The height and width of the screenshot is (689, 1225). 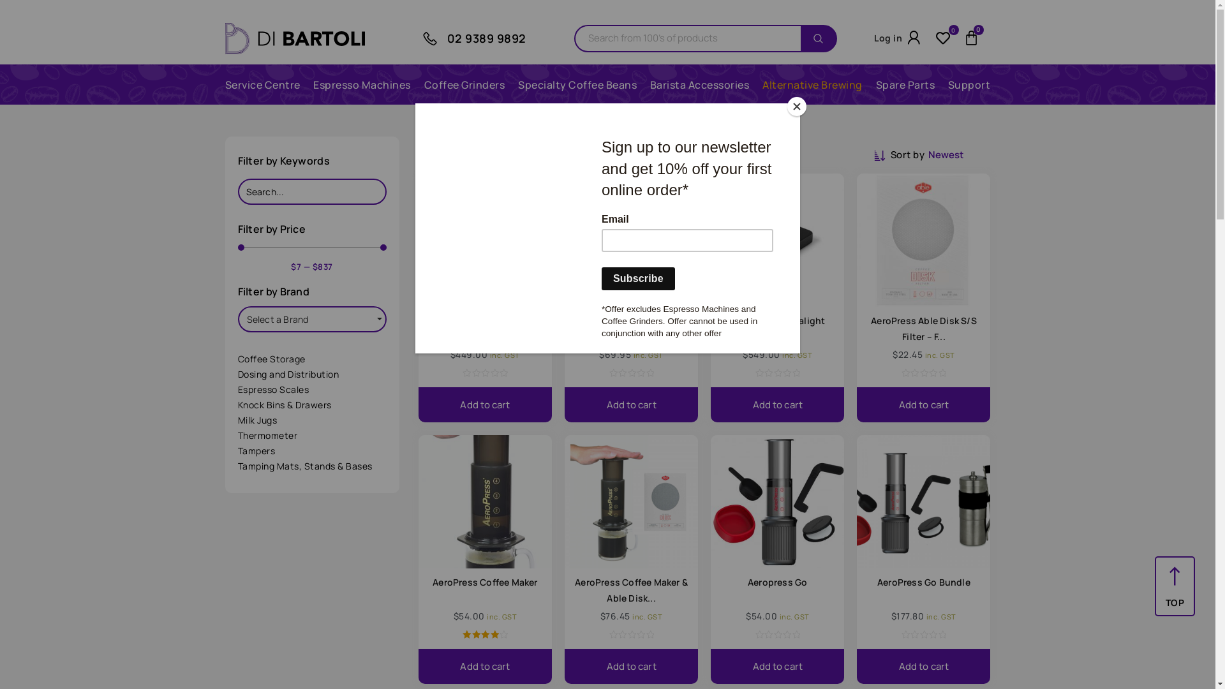 What do you see at coordinates (484, 582) in the screenshot?
I see `'AeroPress Coffee Maker'` at bounding box center [484, 582].